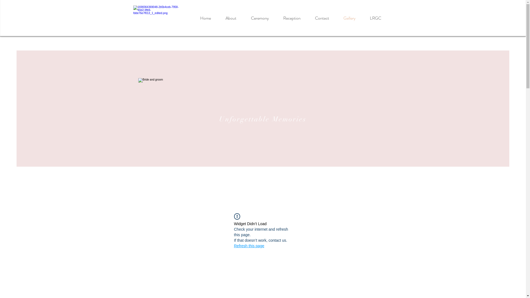 This screenshot has height=298, width=530. Describe the element at coordinates (291, 18) in the screenshot. I see `'Reception'` at that location.